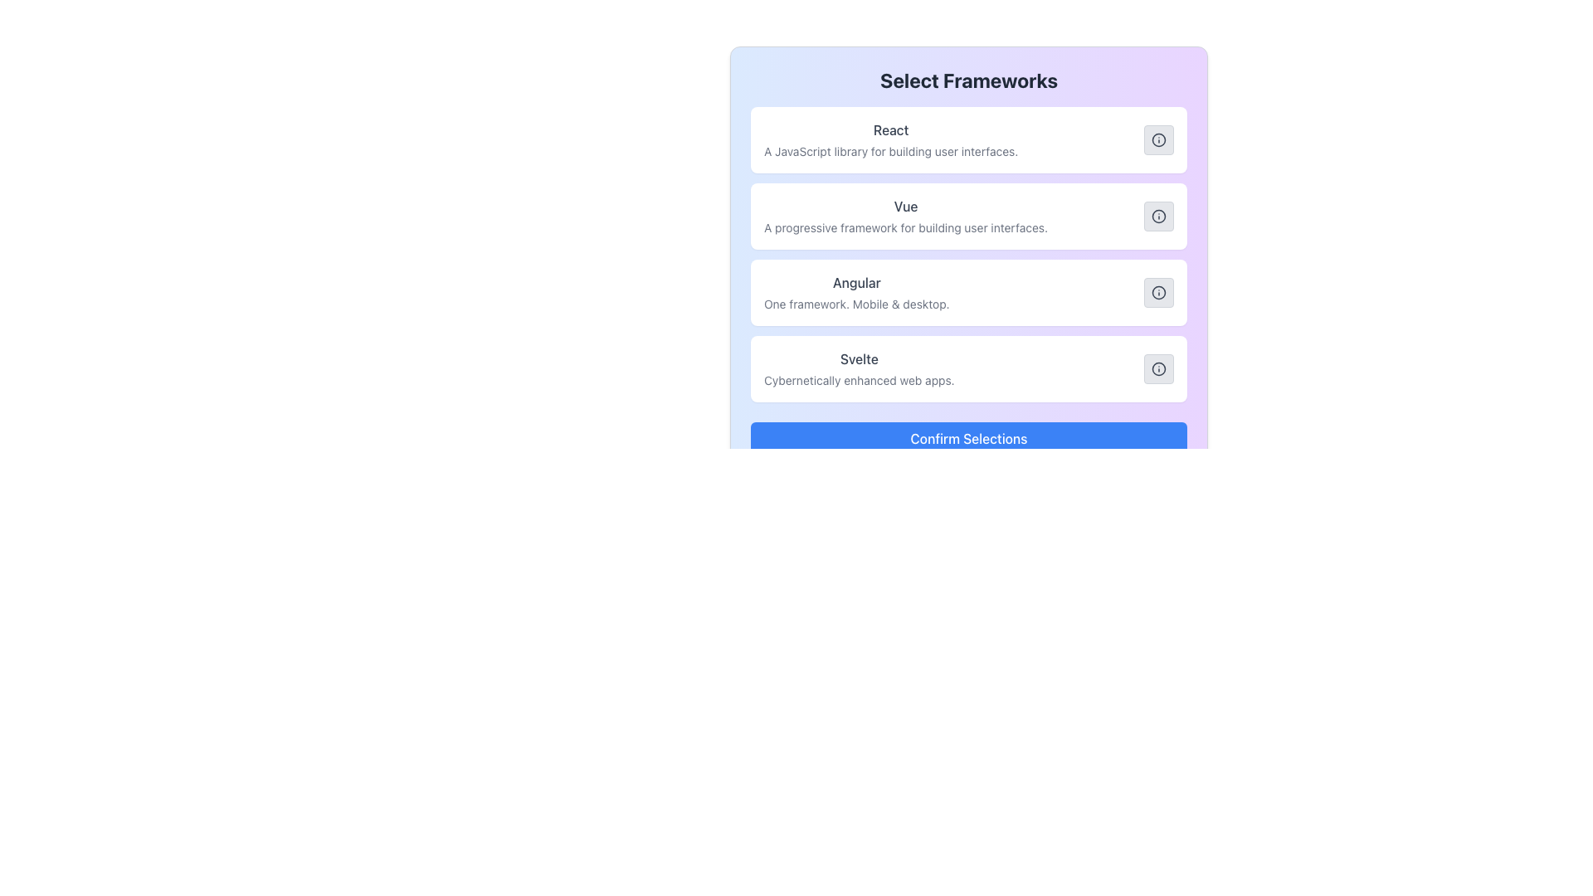 This screenshot has height=896, width=1593. What do you see at coordinates (968, 80) in the screenshot?
I see `the header text 'Select Frameworks', which is styled in bold with a large font size and centered alignment, located at the top of a rounded card-like panel` at bounding box center [968, 80].